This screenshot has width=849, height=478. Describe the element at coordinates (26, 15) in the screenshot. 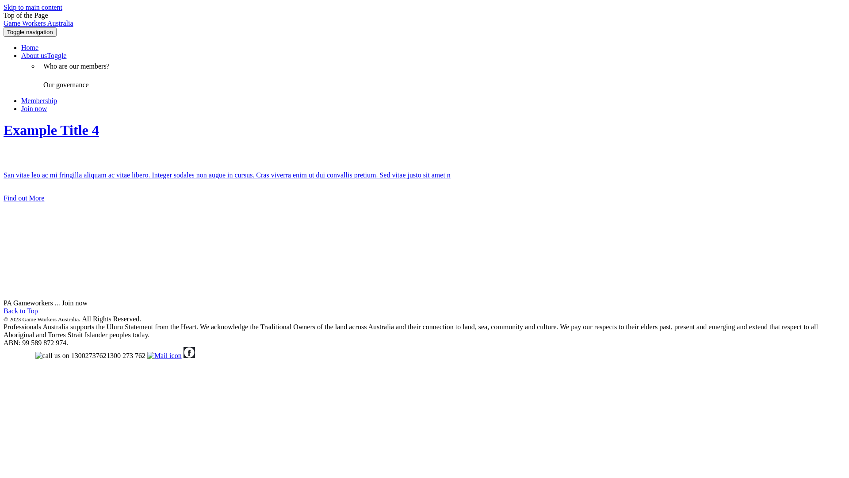

I see `'Top of the Page'` at that location.